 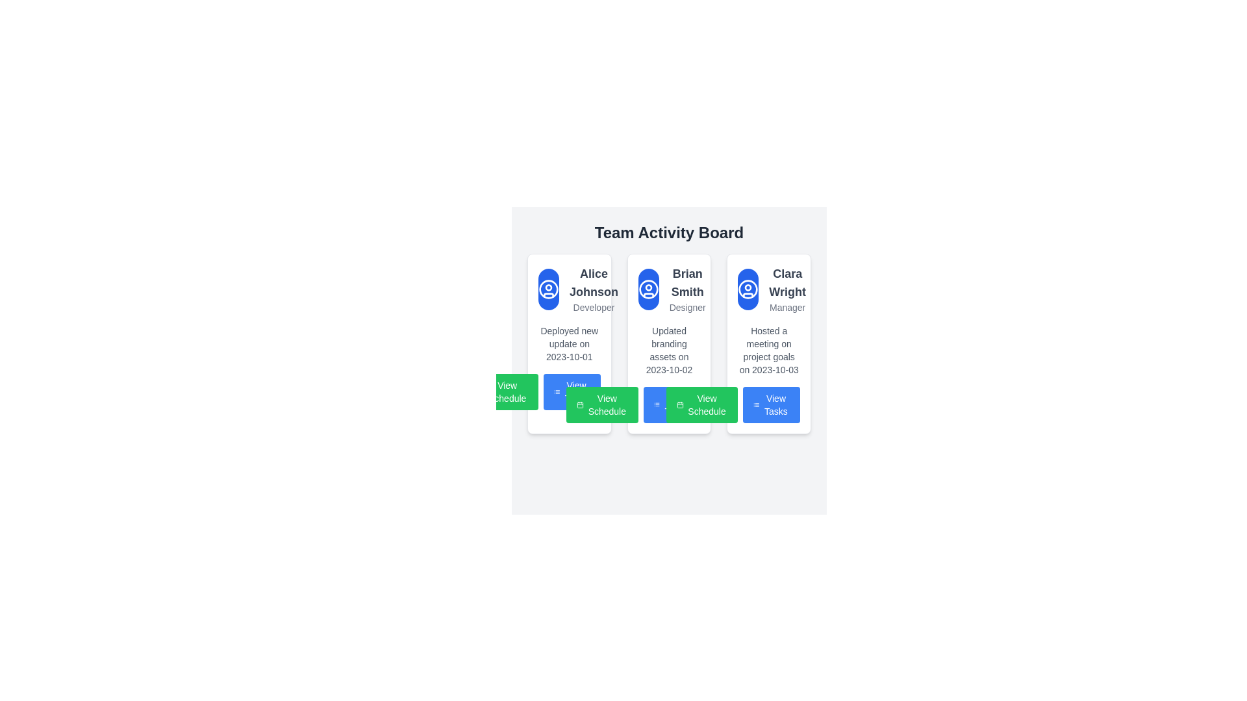 I want to click on the Avatar placeholder representing the user 'Brian Smith' at the top-left corner of the information card, so click(x=648, y=289).